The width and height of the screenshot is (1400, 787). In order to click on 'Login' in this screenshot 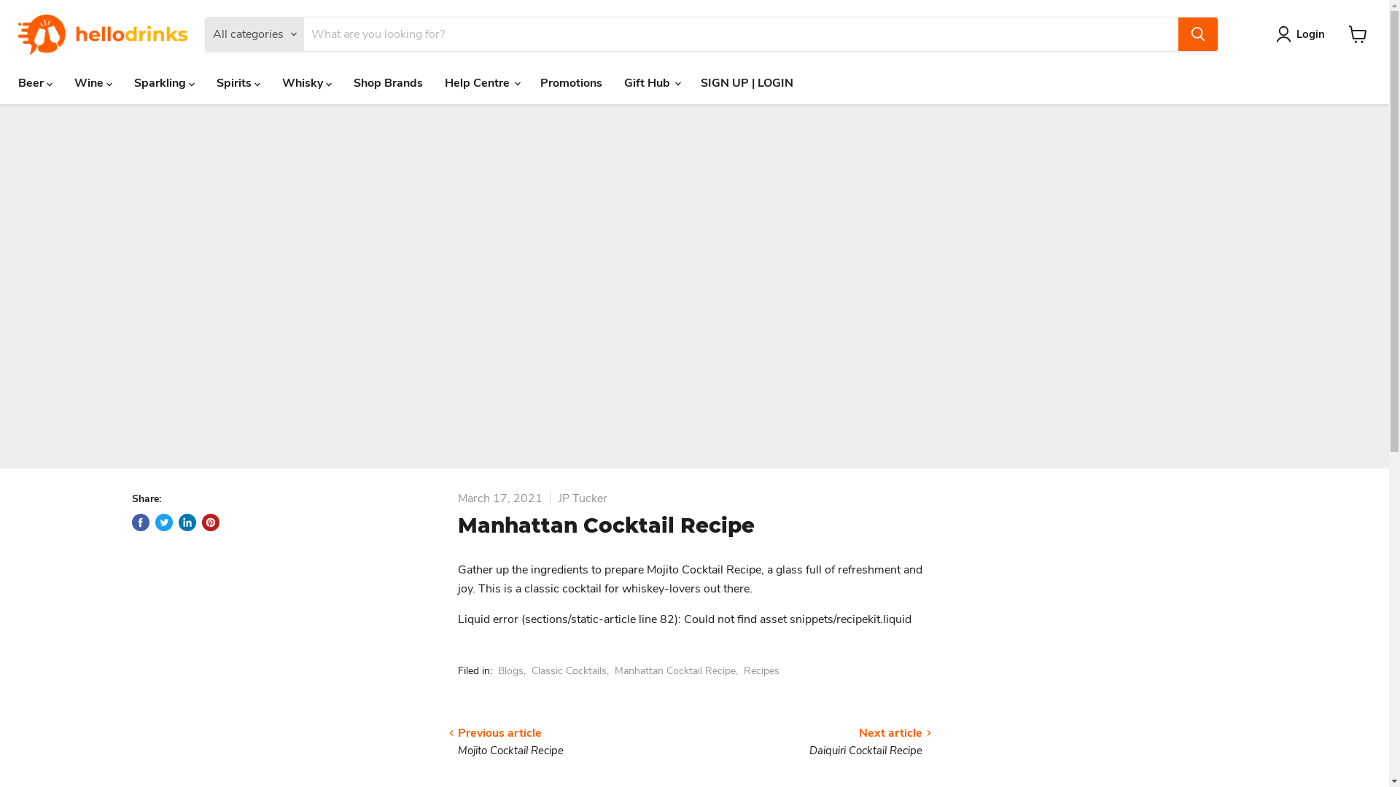, I will do `click(1310, 33)`.